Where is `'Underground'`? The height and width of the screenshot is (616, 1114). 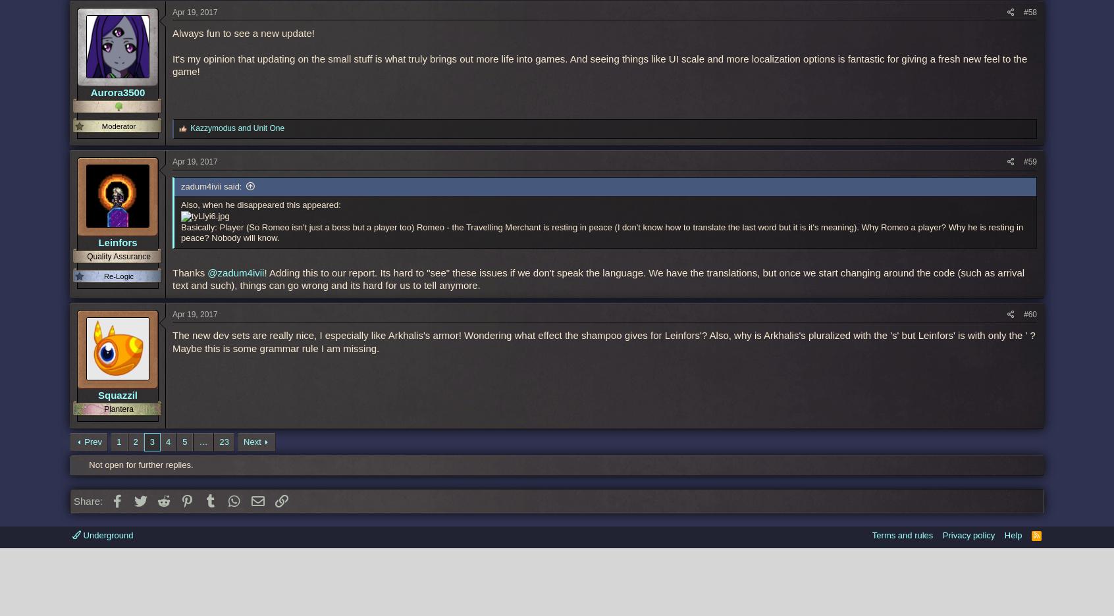
'Underground' is located at coordinates (106, 534).